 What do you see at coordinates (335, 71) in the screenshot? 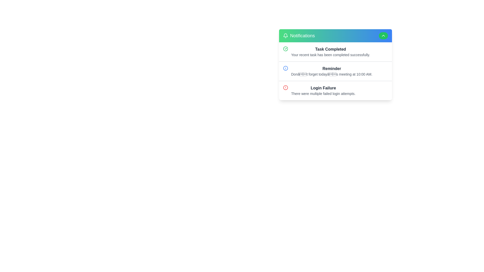
I see `the second informational notification that reminds the user of the meeting scheduled at 10:00 AM` at bounding box center [335, 71].